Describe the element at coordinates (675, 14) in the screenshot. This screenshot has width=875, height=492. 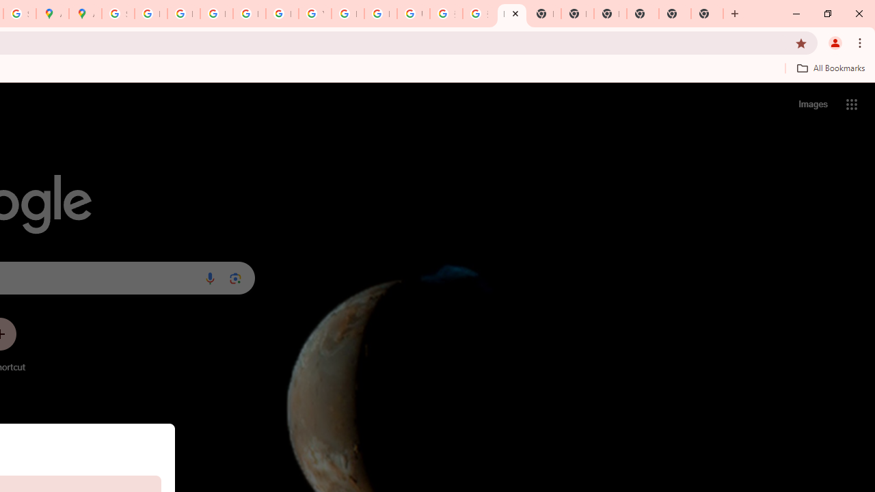
I see `'New Tab'` at that location.